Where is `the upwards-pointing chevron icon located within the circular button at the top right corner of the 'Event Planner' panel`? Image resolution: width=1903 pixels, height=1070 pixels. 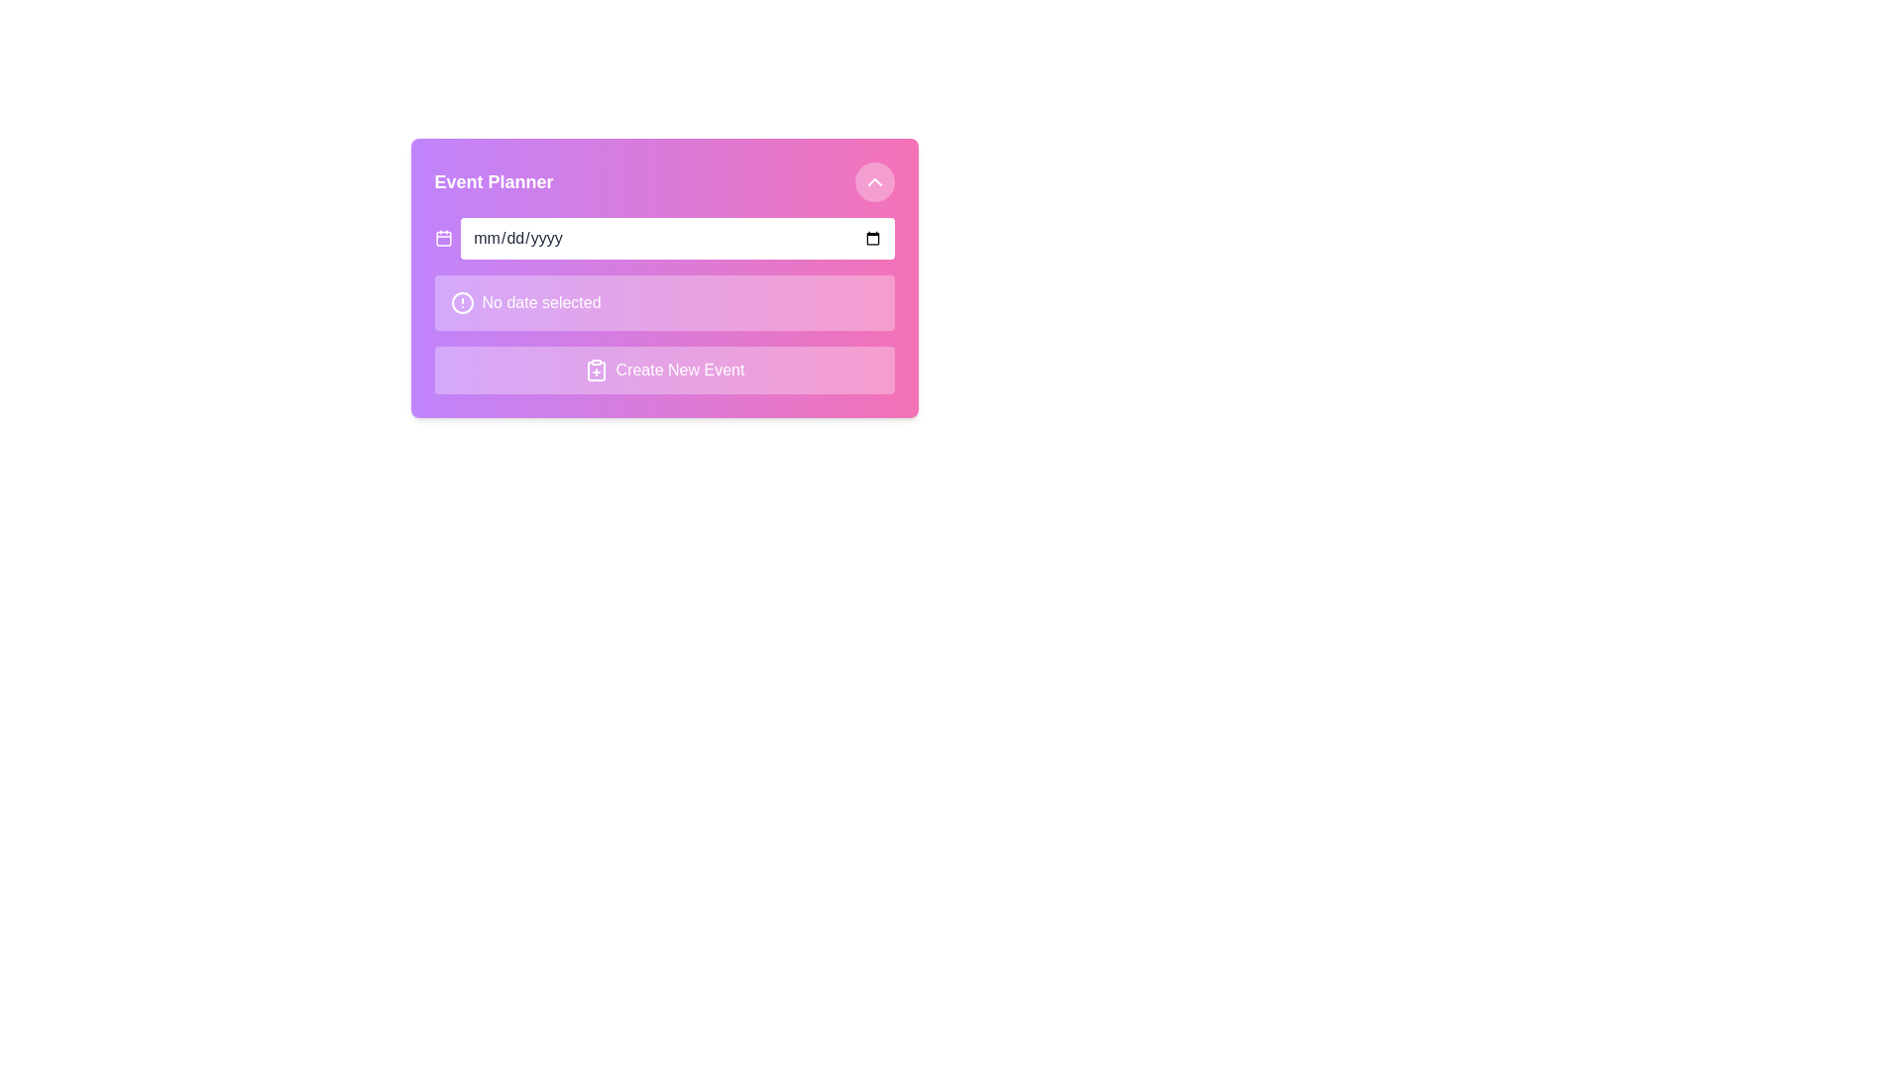
the upwards-pointing chevron icon located within the circular button at the top right corner of the 'Event Planner' panel is located at coordinates (873, 182).